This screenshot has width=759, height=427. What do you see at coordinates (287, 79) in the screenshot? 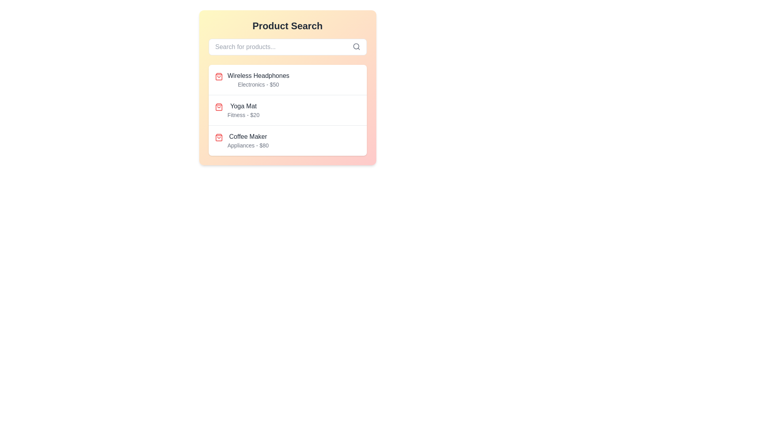
I see `the first product list item which displays 'Wireless Headphones' in bold and an icon resembling a shopping bag to the left` at bounding box center [287, 79].